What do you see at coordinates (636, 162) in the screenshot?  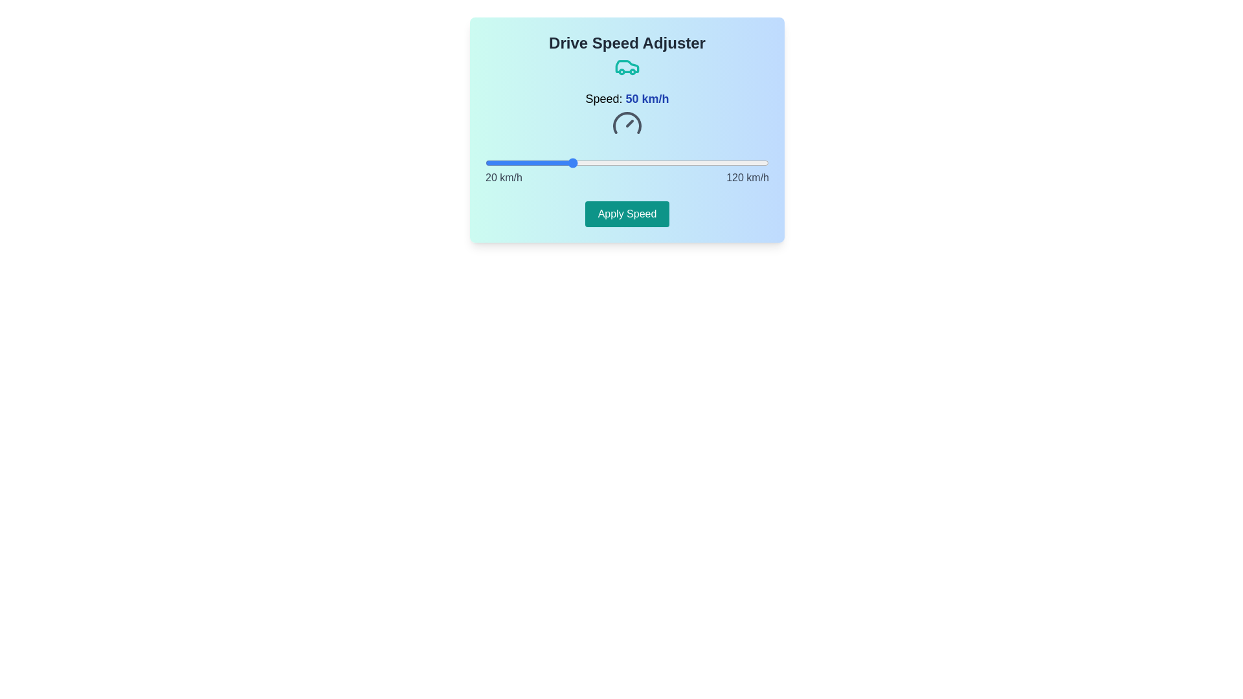 I see `the speed slider to set the speed to 73 km/h` at bounding box center [636, 162].